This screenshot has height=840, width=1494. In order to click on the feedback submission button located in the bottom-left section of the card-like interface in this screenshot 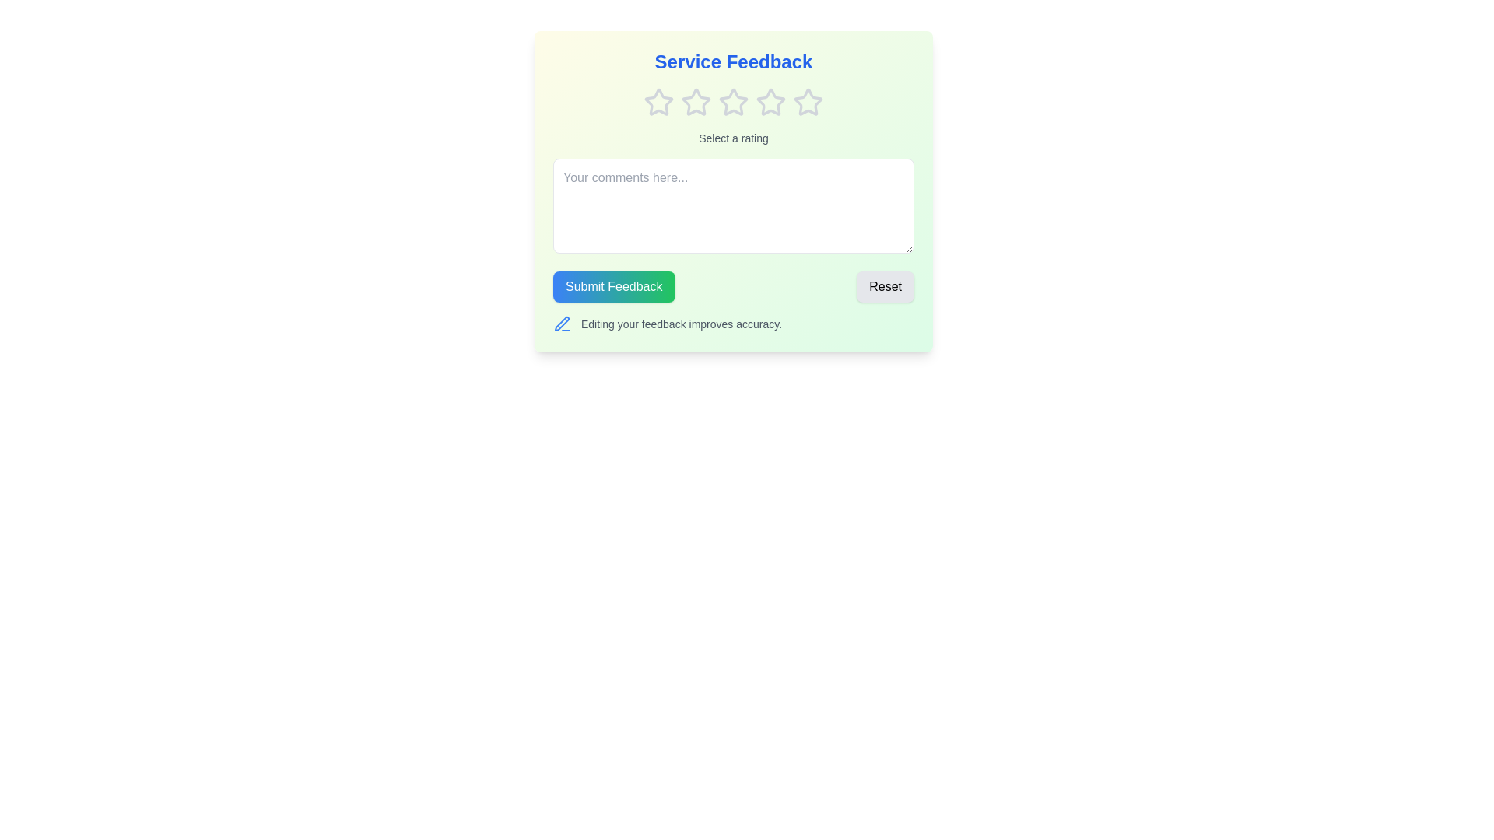, I will do `click(613, 287)`.